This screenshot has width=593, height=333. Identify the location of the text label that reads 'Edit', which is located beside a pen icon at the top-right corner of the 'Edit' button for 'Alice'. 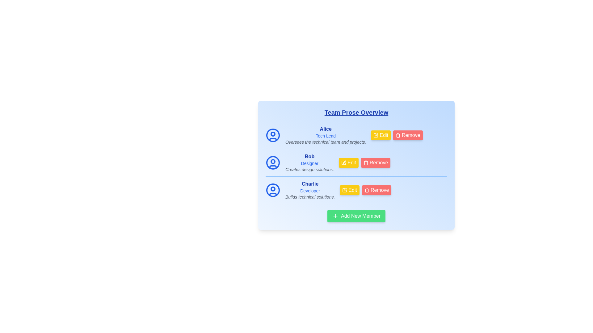
(383, 135).